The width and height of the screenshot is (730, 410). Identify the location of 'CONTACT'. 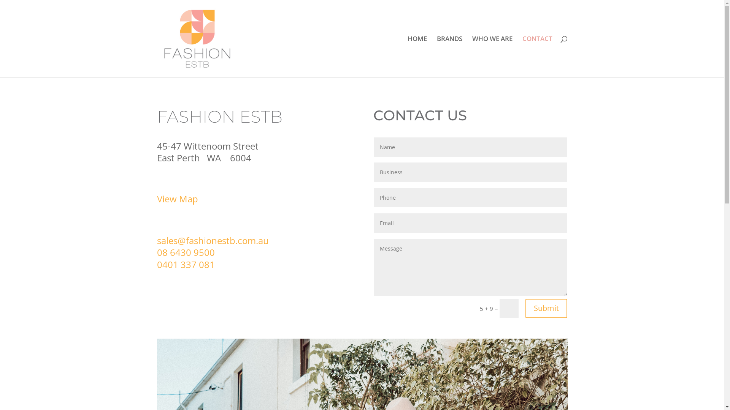
(537, 56).